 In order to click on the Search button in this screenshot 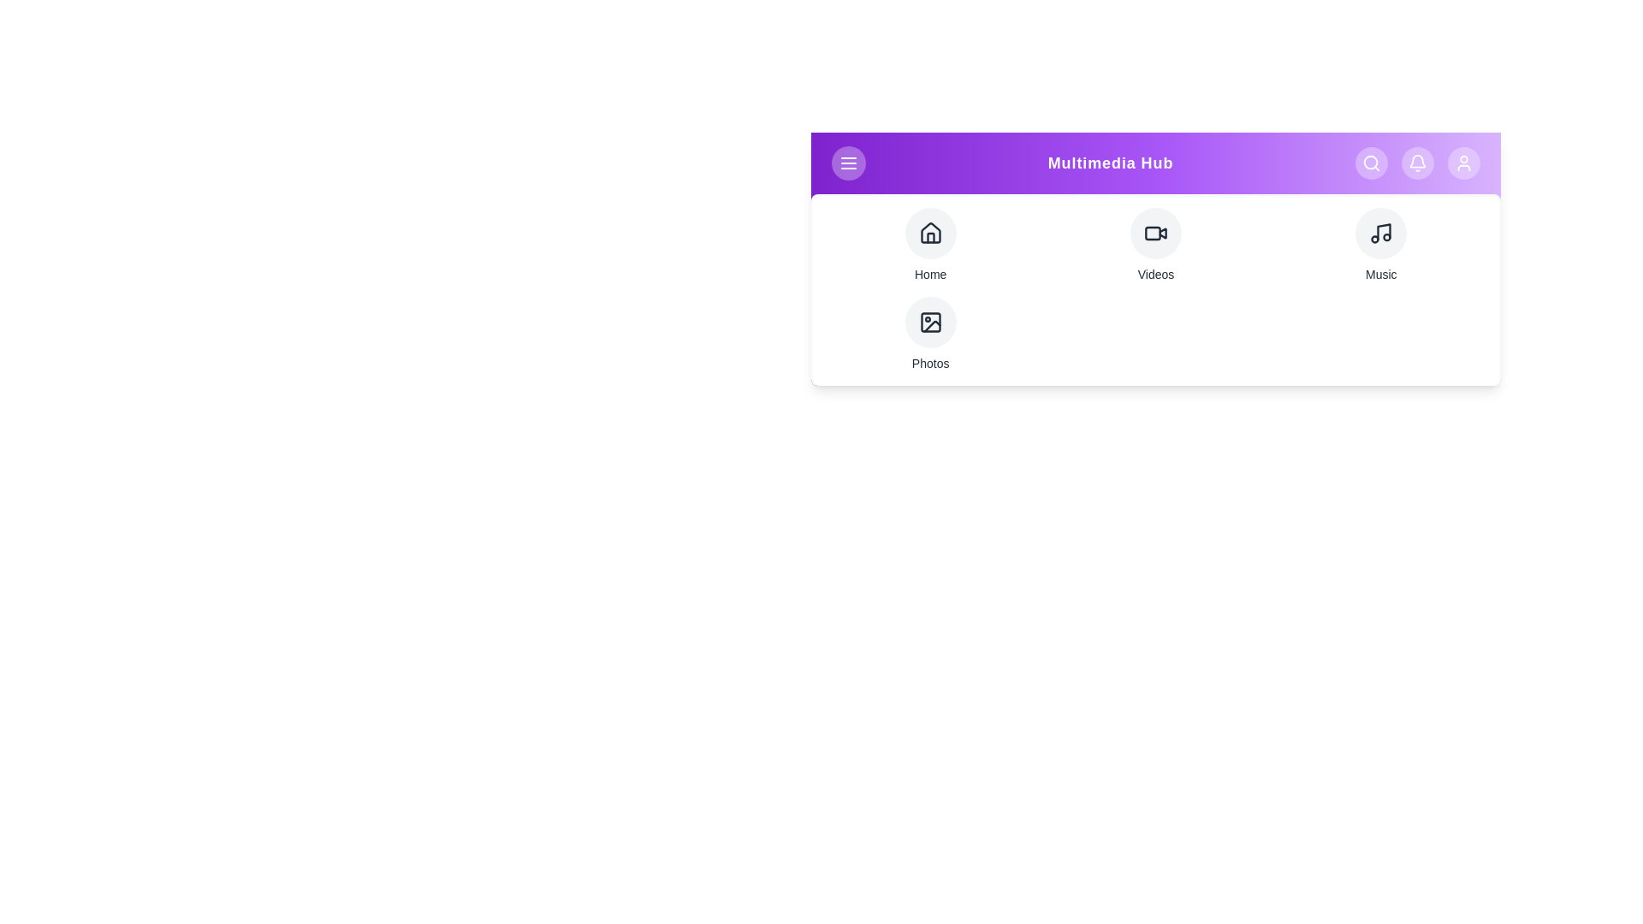, I will do `click(1372, 163)`.